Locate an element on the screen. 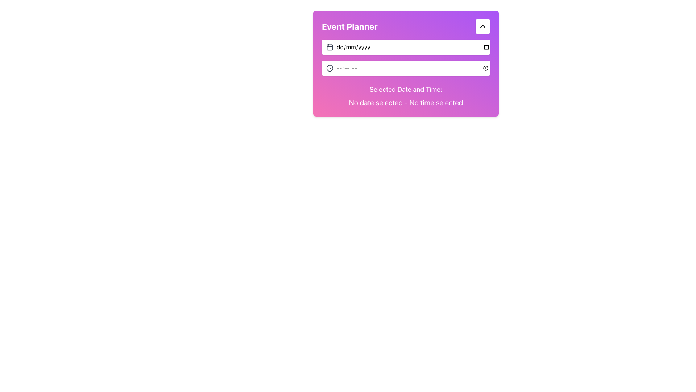 The height and width of the screenshot is (392, 696). the circular part of the clock icon, which is the outer rim of the clock graphic located to the left of the time input field in the Event Planner card is located at coordinates (330, 68).